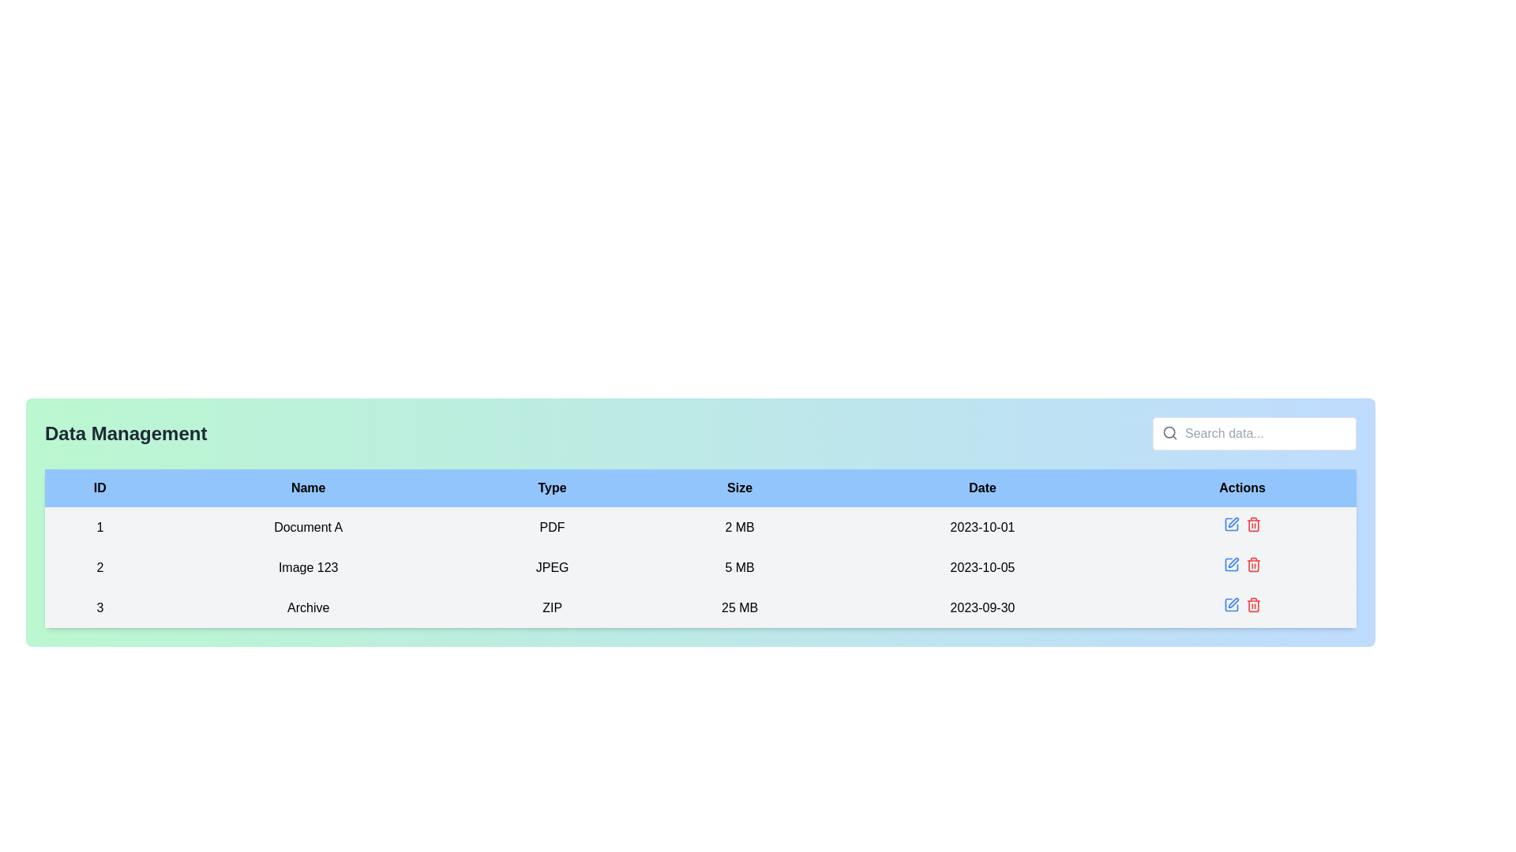 This screenshot has width=1516, height=852. Describe the element at coordinates (981, 607) in the screenshot. I see `the Text display that shows the date for the third row entry in the data table, which is located in the 'Date' column and aligns with 'Archive' under 'Name' and '25 MB' under 'Size'` at that location.